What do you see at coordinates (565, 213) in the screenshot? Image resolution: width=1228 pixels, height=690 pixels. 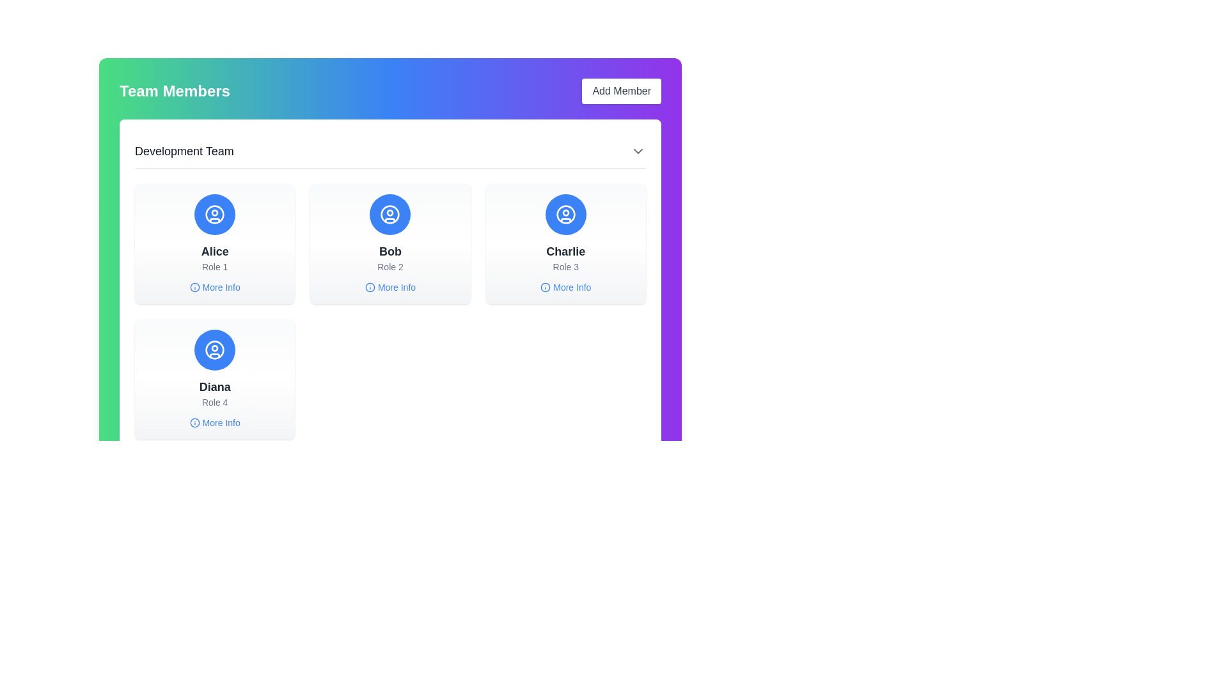 I see `the Avatar representing the user named 'Charlie', located in the top-right card of the second row in the grid layout` at bounding box center [565, 213].